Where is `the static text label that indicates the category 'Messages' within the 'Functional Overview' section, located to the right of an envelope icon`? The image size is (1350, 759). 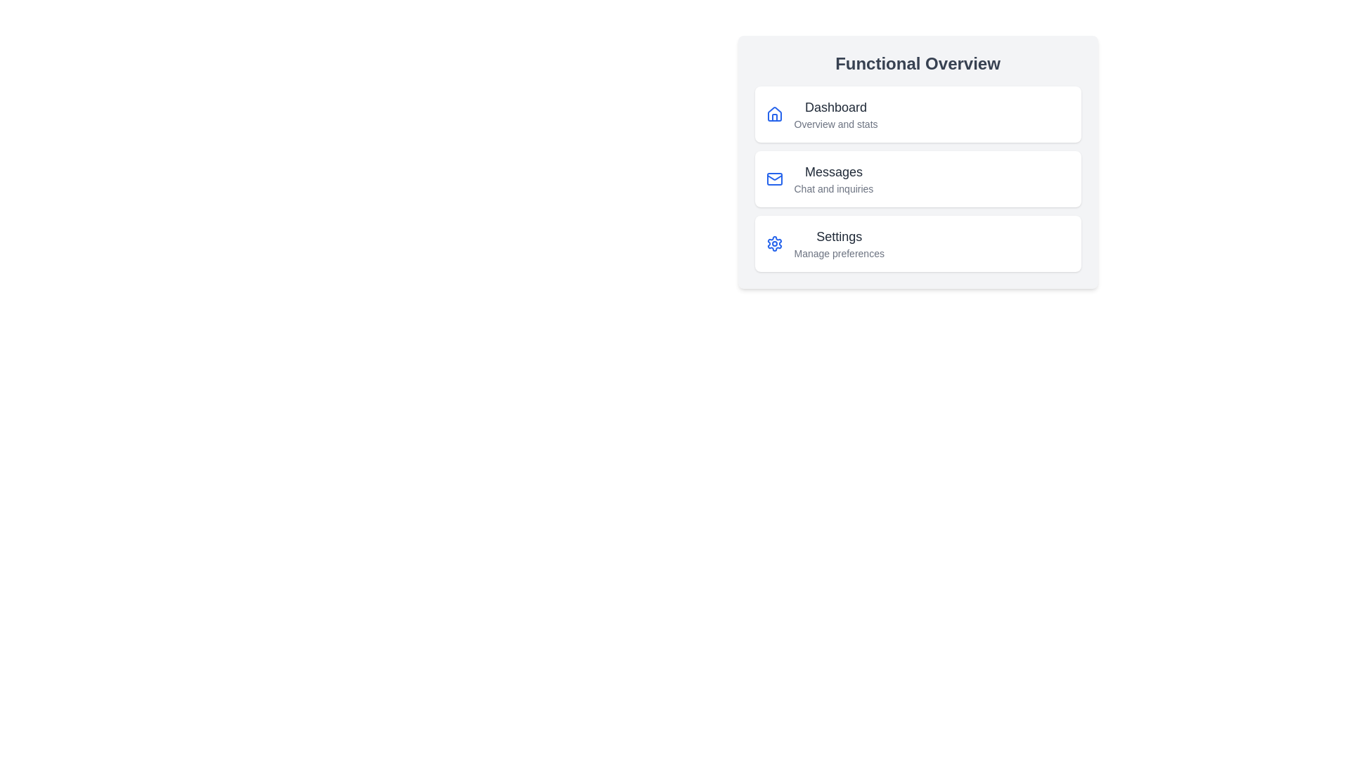
the static text label that indicates the category 'Messages' within the 'Functional Overview' section, located to the right of an envelope icon is located at coordinates (833, 171).